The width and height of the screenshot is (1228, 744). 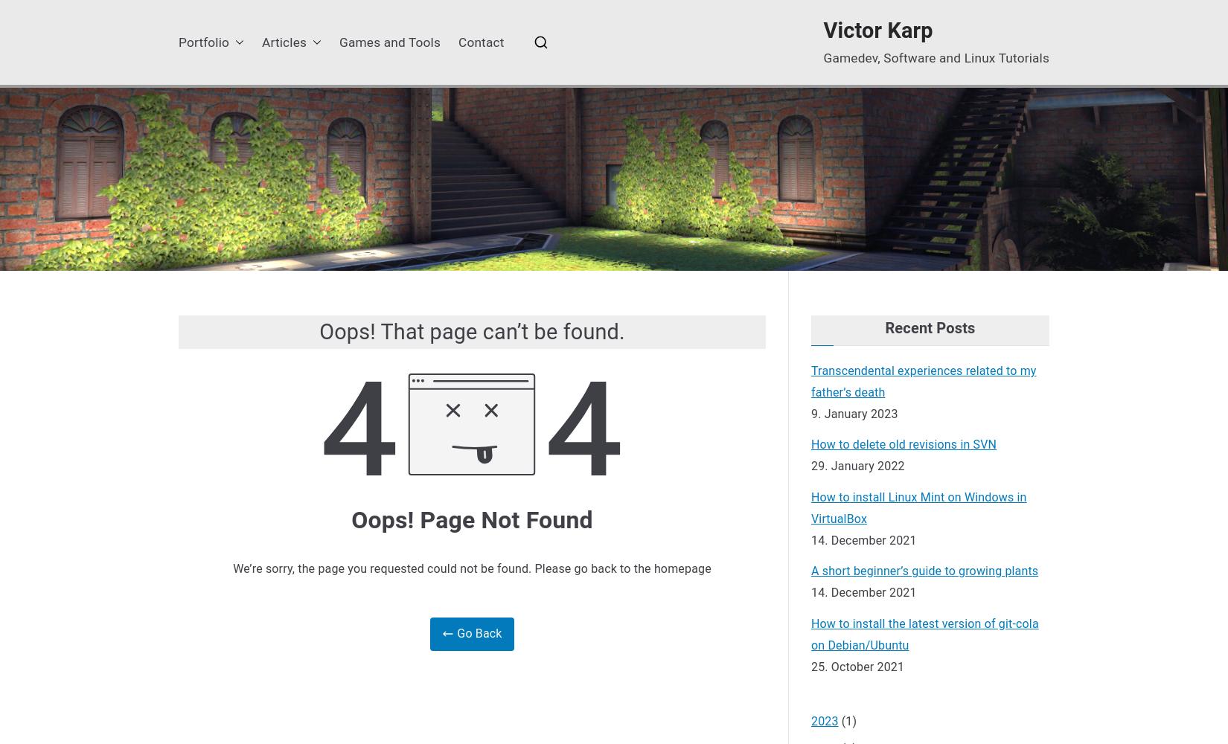 I want to click on 'Portfolio', so click(x=179, y=42).